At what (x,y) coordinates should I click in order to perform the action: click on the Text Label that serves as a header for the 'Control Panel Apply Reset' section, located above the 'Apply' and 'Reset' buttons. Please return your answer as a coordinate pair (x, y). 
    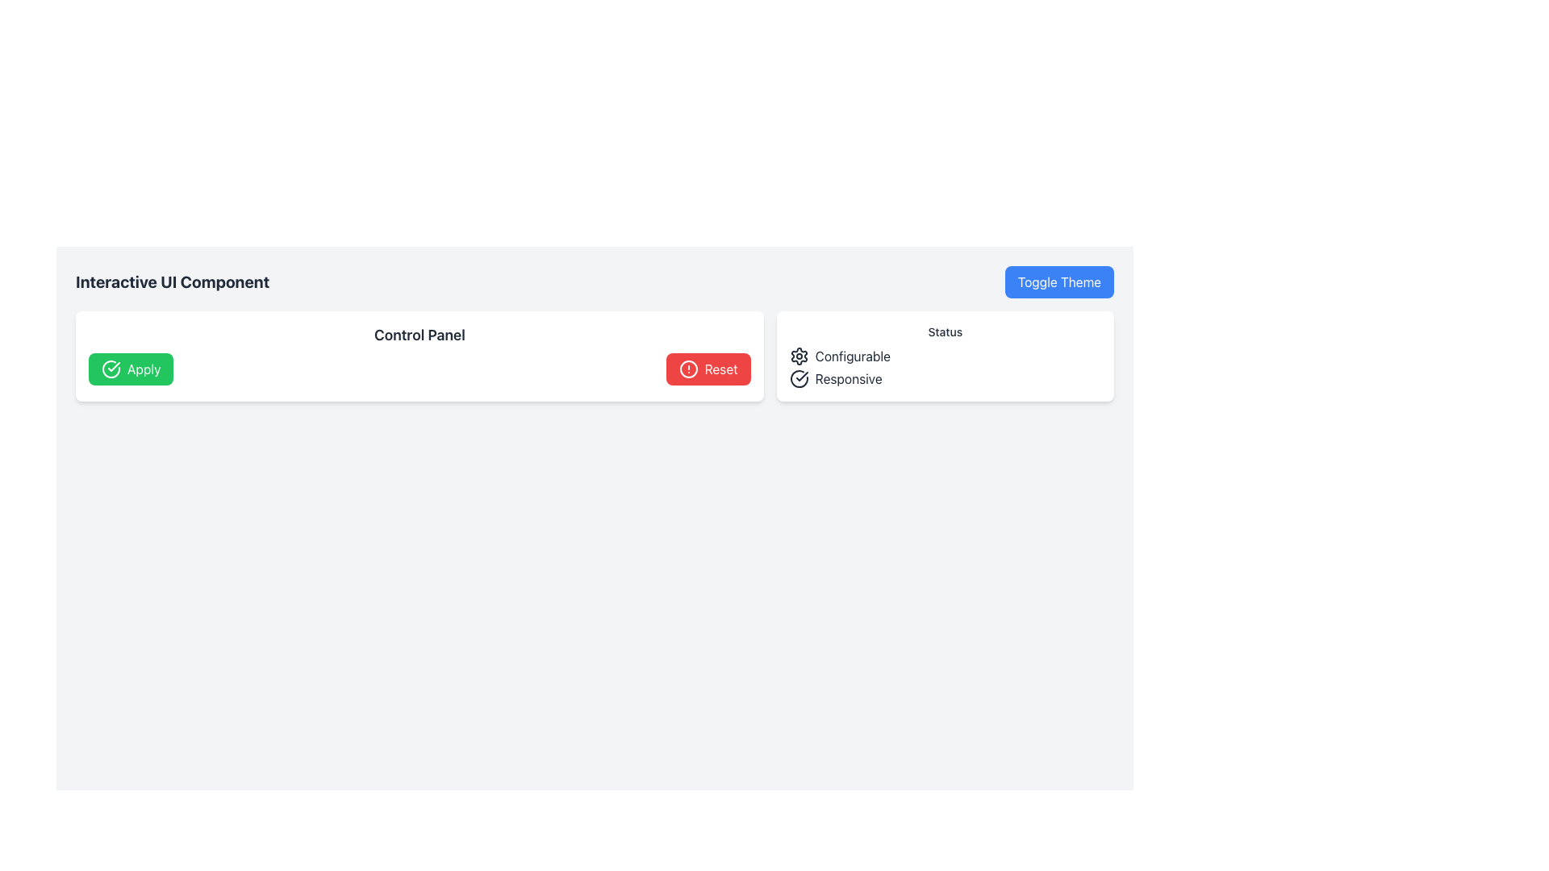
    Looking at the image, I should click on (420, 335).